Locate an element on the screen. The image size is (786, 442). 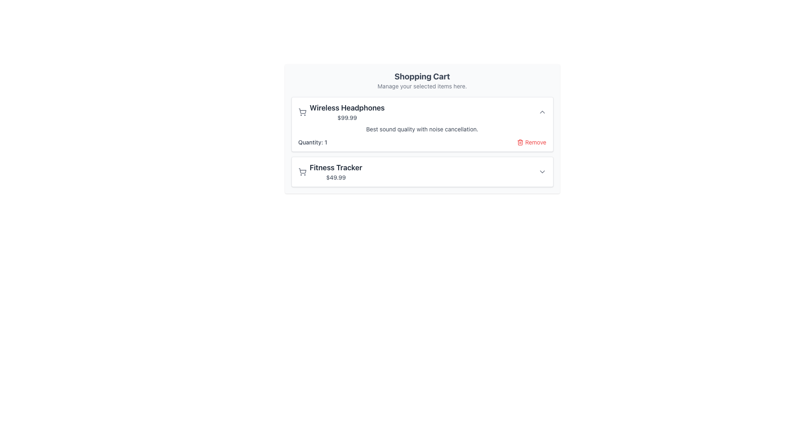
the remove button located to the right of the 'Quantity: 1' text in the shopping cart for the 'Wireless Headphones' item is located at coordinates (531, 142).